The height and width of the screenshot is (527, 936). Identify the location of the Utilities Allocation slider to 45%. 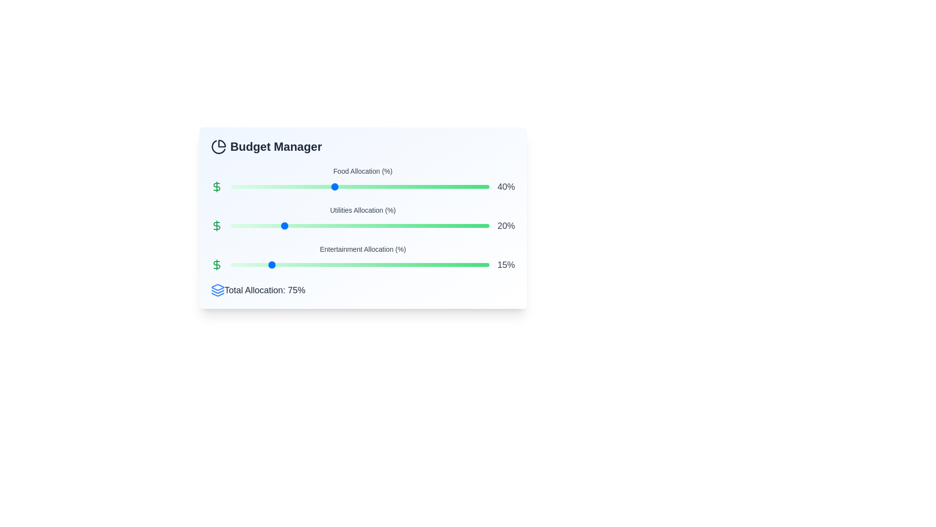
(347, 225).